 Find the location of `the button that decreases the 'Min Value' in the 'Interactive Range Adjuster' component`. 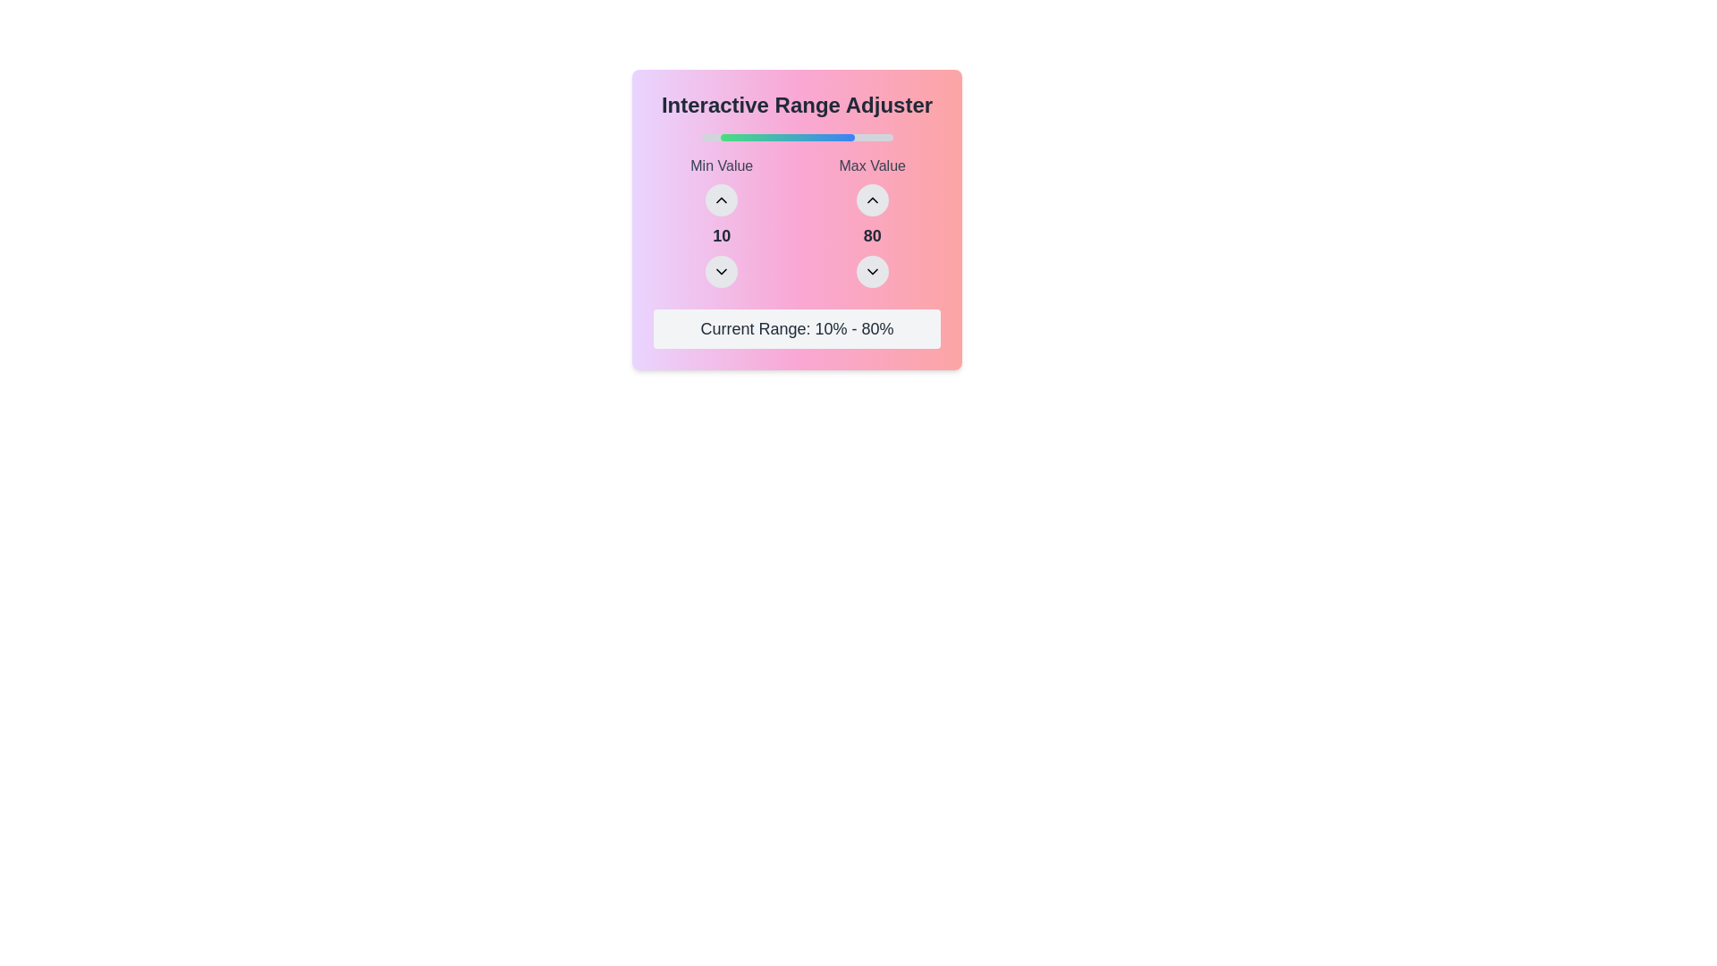

the button that decreases the 'Min Value' in the 'Interactive Range Adjuster' component is located at coordinates (722, 272).